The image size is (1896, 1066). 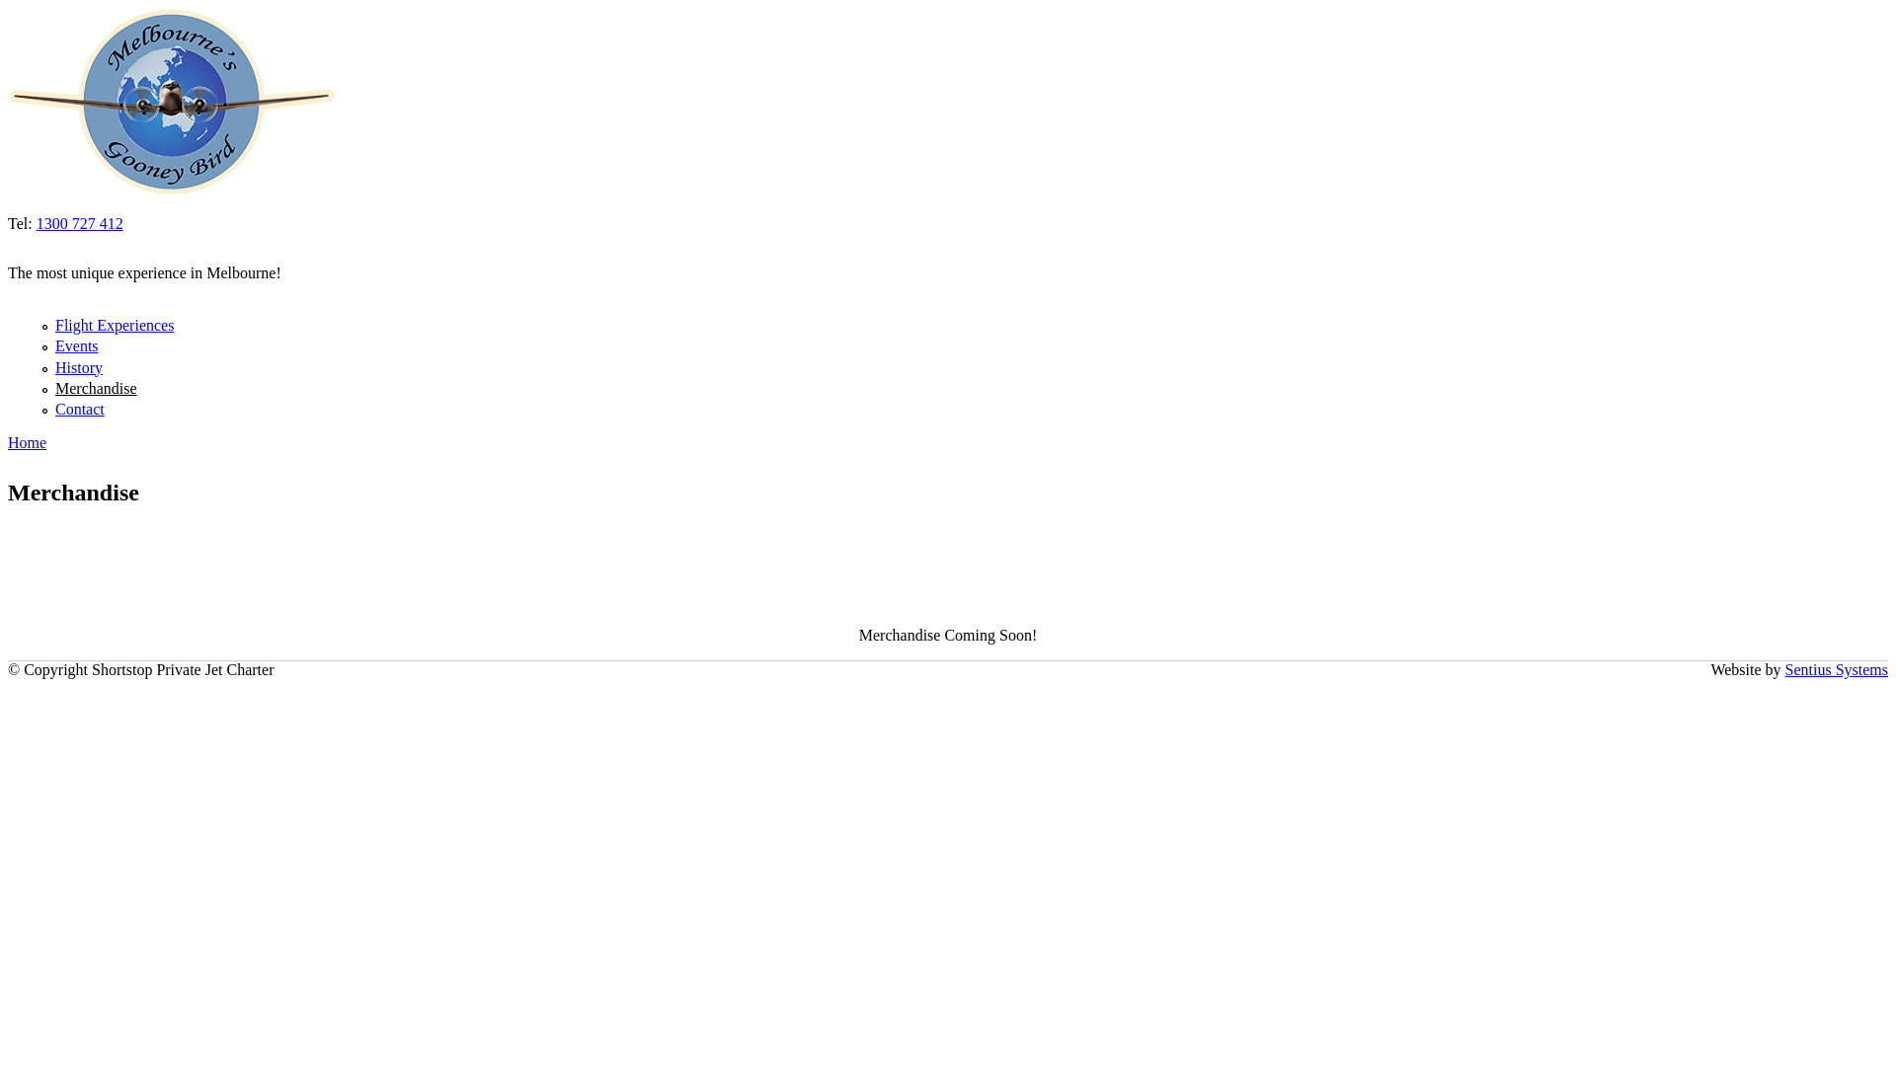 What do you see at coordinates (113, 324) in the screenshot?
I see `'Flight Experiences'` at bounding box center [113, 324].